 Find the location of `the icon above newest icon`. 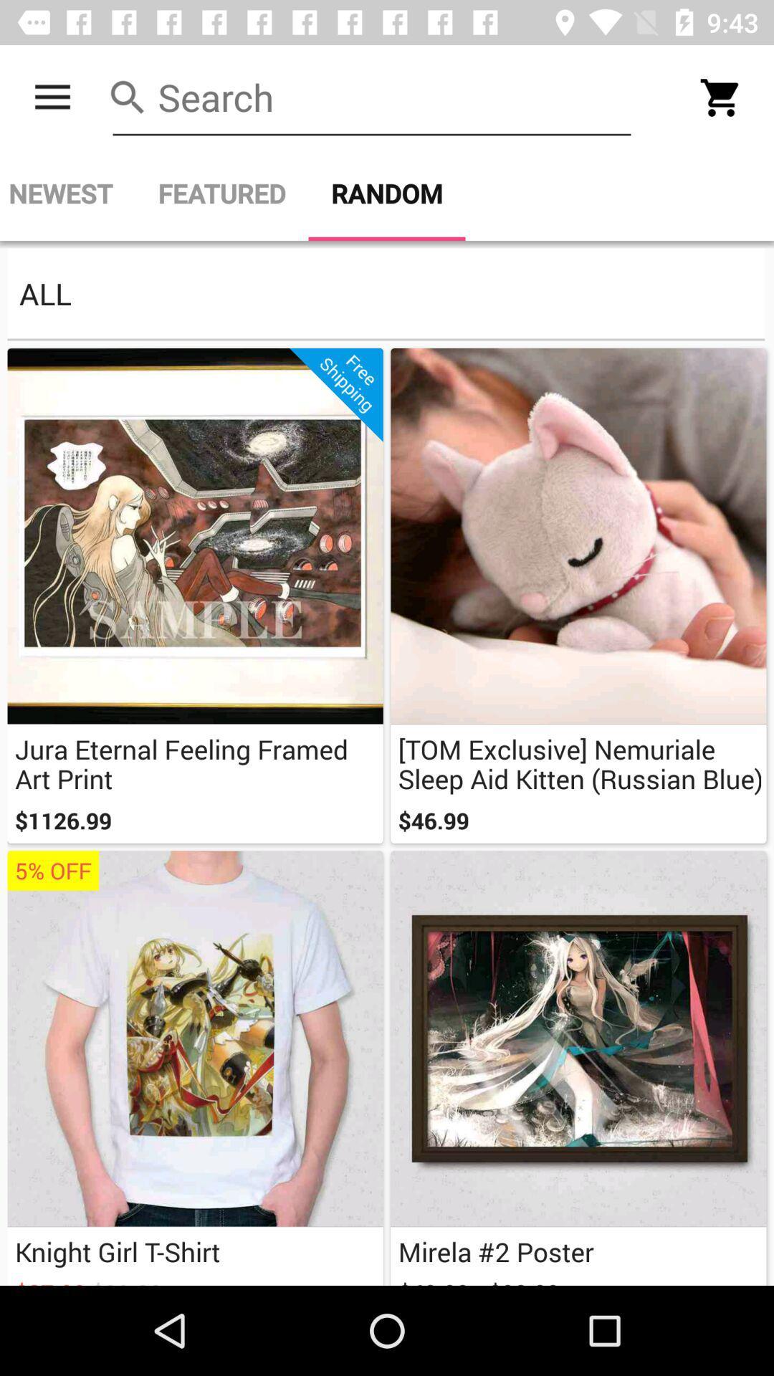

the icon above newest icon is located at coordinates (52, 97).